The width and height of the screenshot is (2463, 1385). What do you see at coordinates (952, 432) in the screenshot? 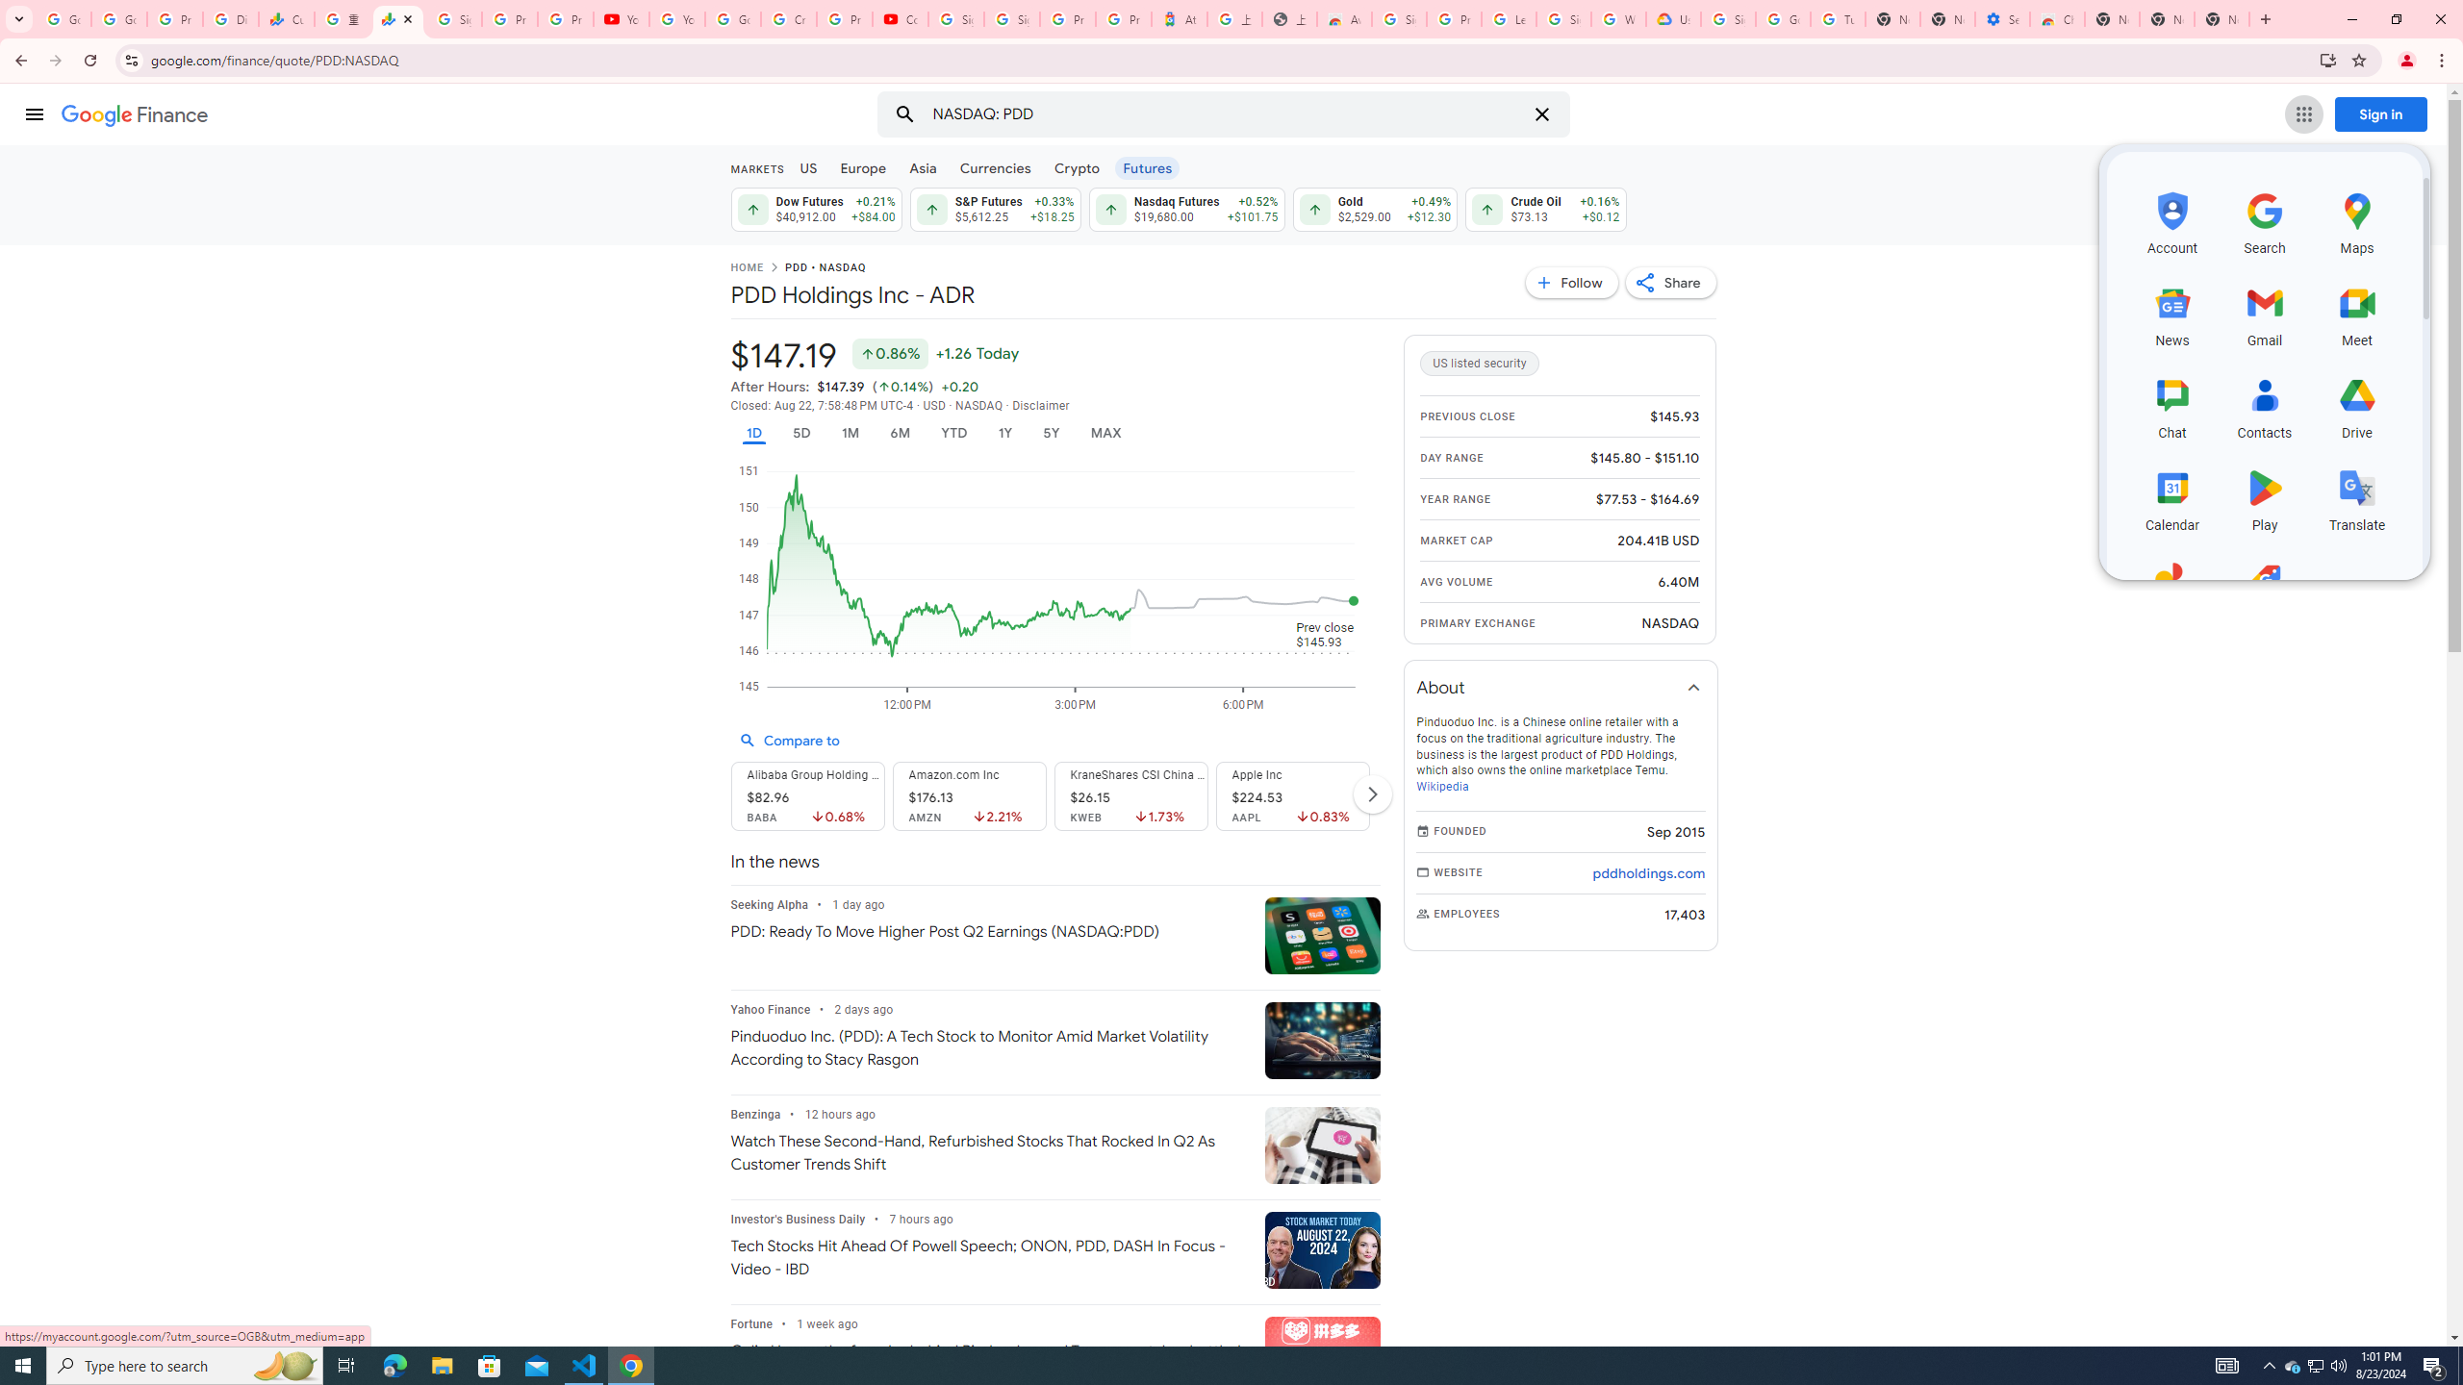
I see `'YTD'` at bounding box center [952, 432].